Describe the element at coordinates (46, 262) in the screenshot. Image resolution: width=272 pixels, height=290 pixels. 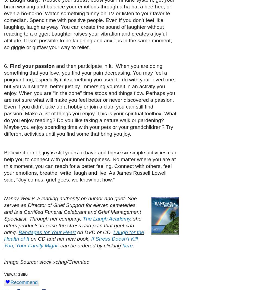
I see `'Image Source: stock.xchng/Chemtec'` at that location.